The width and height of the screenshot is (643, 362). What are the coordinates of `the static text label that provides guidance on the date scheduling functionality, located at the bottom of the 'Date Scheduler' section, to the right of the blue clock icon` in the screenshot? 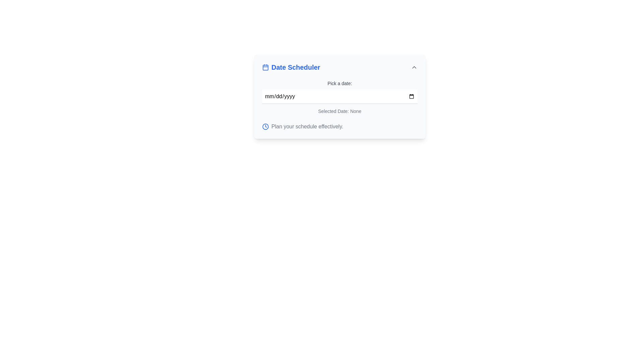 It's located at (307, 127).